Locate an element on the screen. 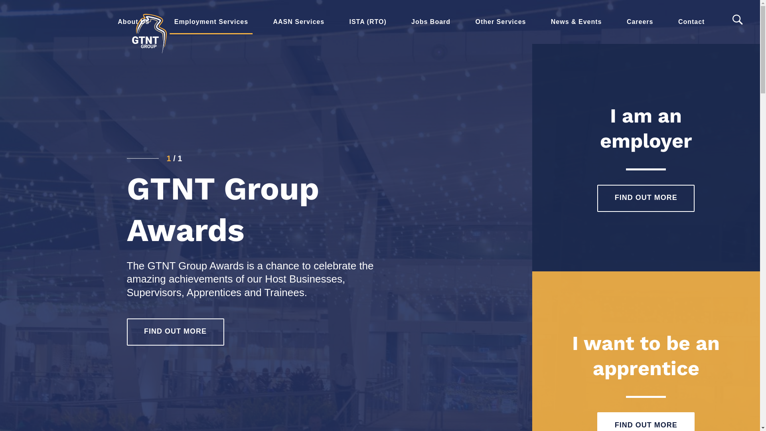  'Search' is located at coordinates (738, 20).